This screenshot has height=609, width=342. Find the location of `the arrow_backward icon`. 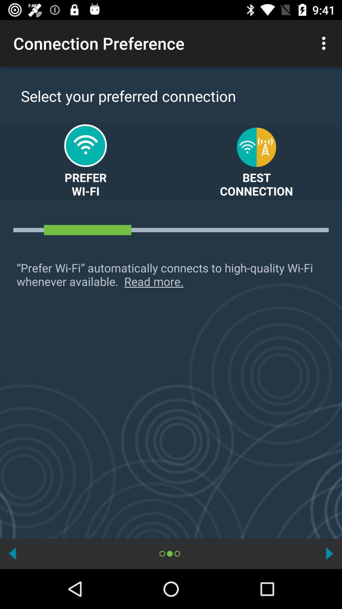

the arrow_backward icon is located at coordinates (12, 553).